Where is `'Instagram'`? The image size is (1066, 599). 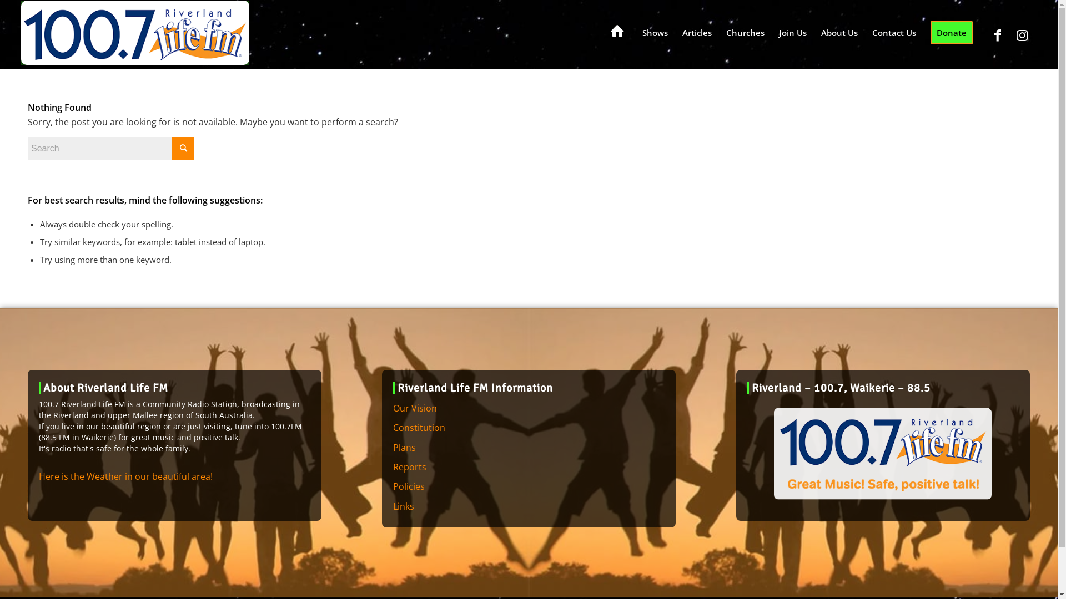 'Instagram' is located at coordinates (1022, 34).